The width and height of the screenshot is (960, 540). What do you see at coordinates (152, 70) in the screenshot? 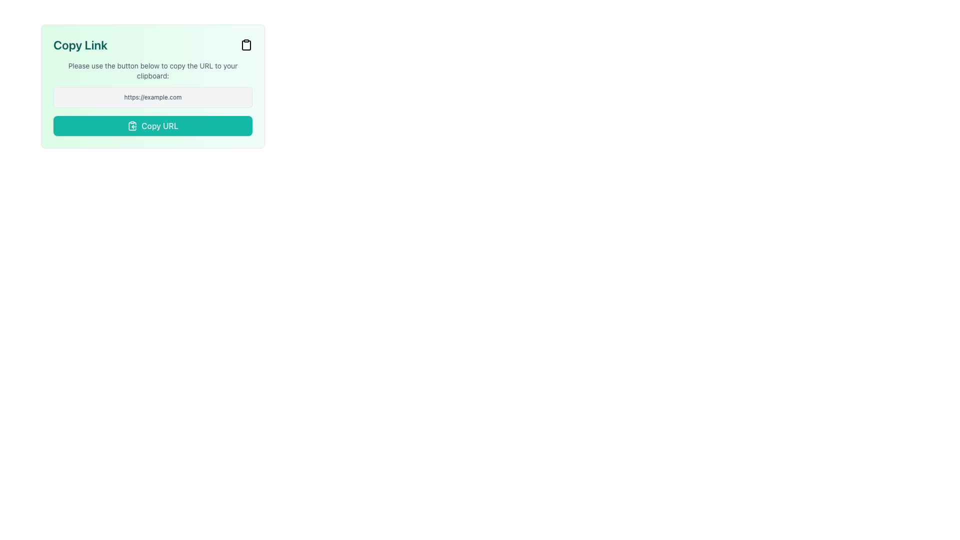
I see `the static text element that provides instructions for copying a link, positioned below the title 'Copy Link' and an icon, and above the displayed URL and the 'Copy URL' button` at bounding box center [152, 70].